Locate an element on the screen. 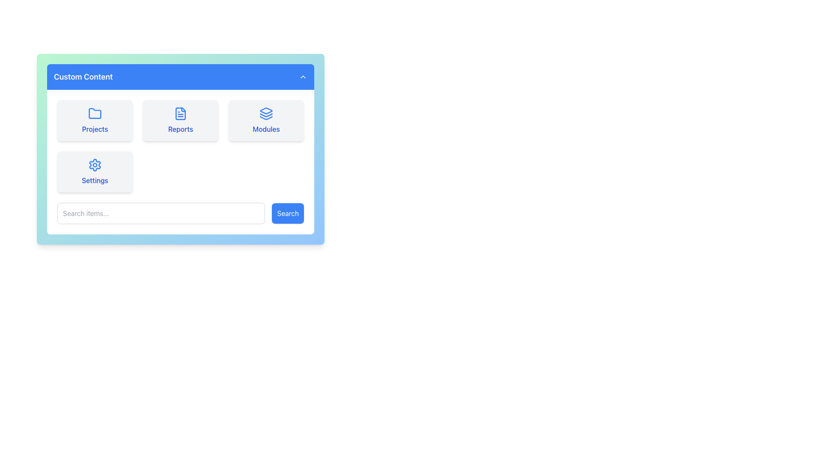 This screenshot has width=822, height=462. the 'Search' button, which is a rectangular button with rounded corners and a blue background, to observe the hover effects is located at coordinates (288, 213).